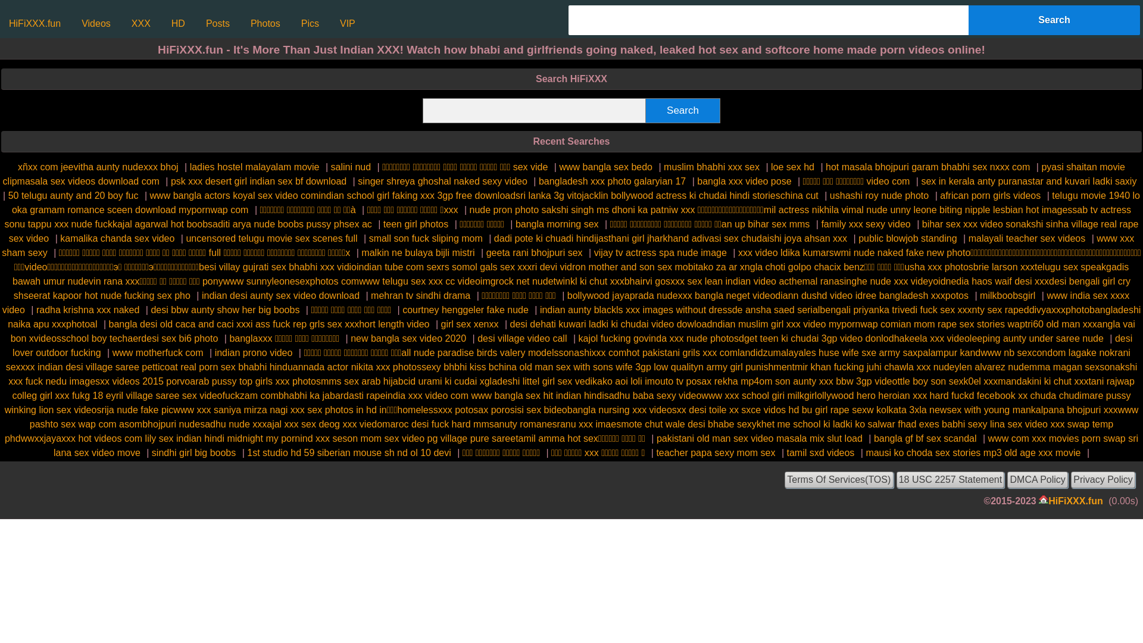  Describe the element at coordinates (950, 479) in the screenshot. I see `'18 USC 2257 Statement'` at that location.